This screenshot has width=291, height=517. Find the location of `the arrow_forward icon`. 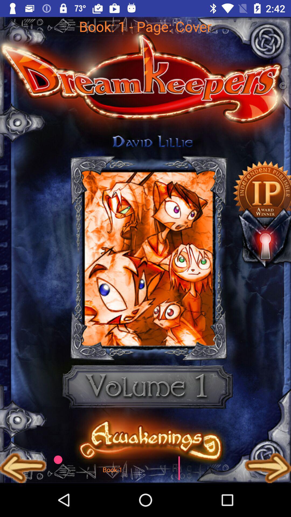

the arrow_forward icon is located at coordinates (268, 468).